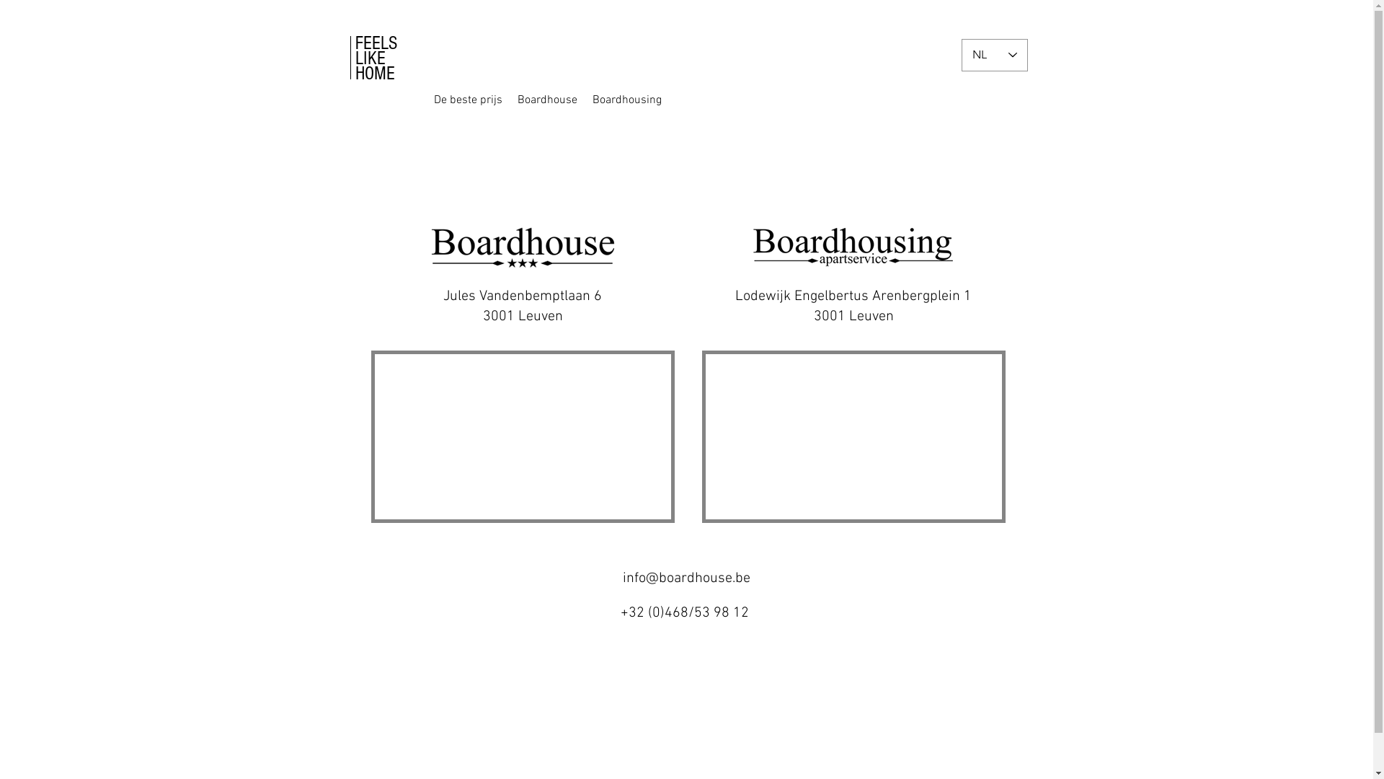 The image size is (1384, 779). I want to click on 'Boardhousing', so click(626, 99).